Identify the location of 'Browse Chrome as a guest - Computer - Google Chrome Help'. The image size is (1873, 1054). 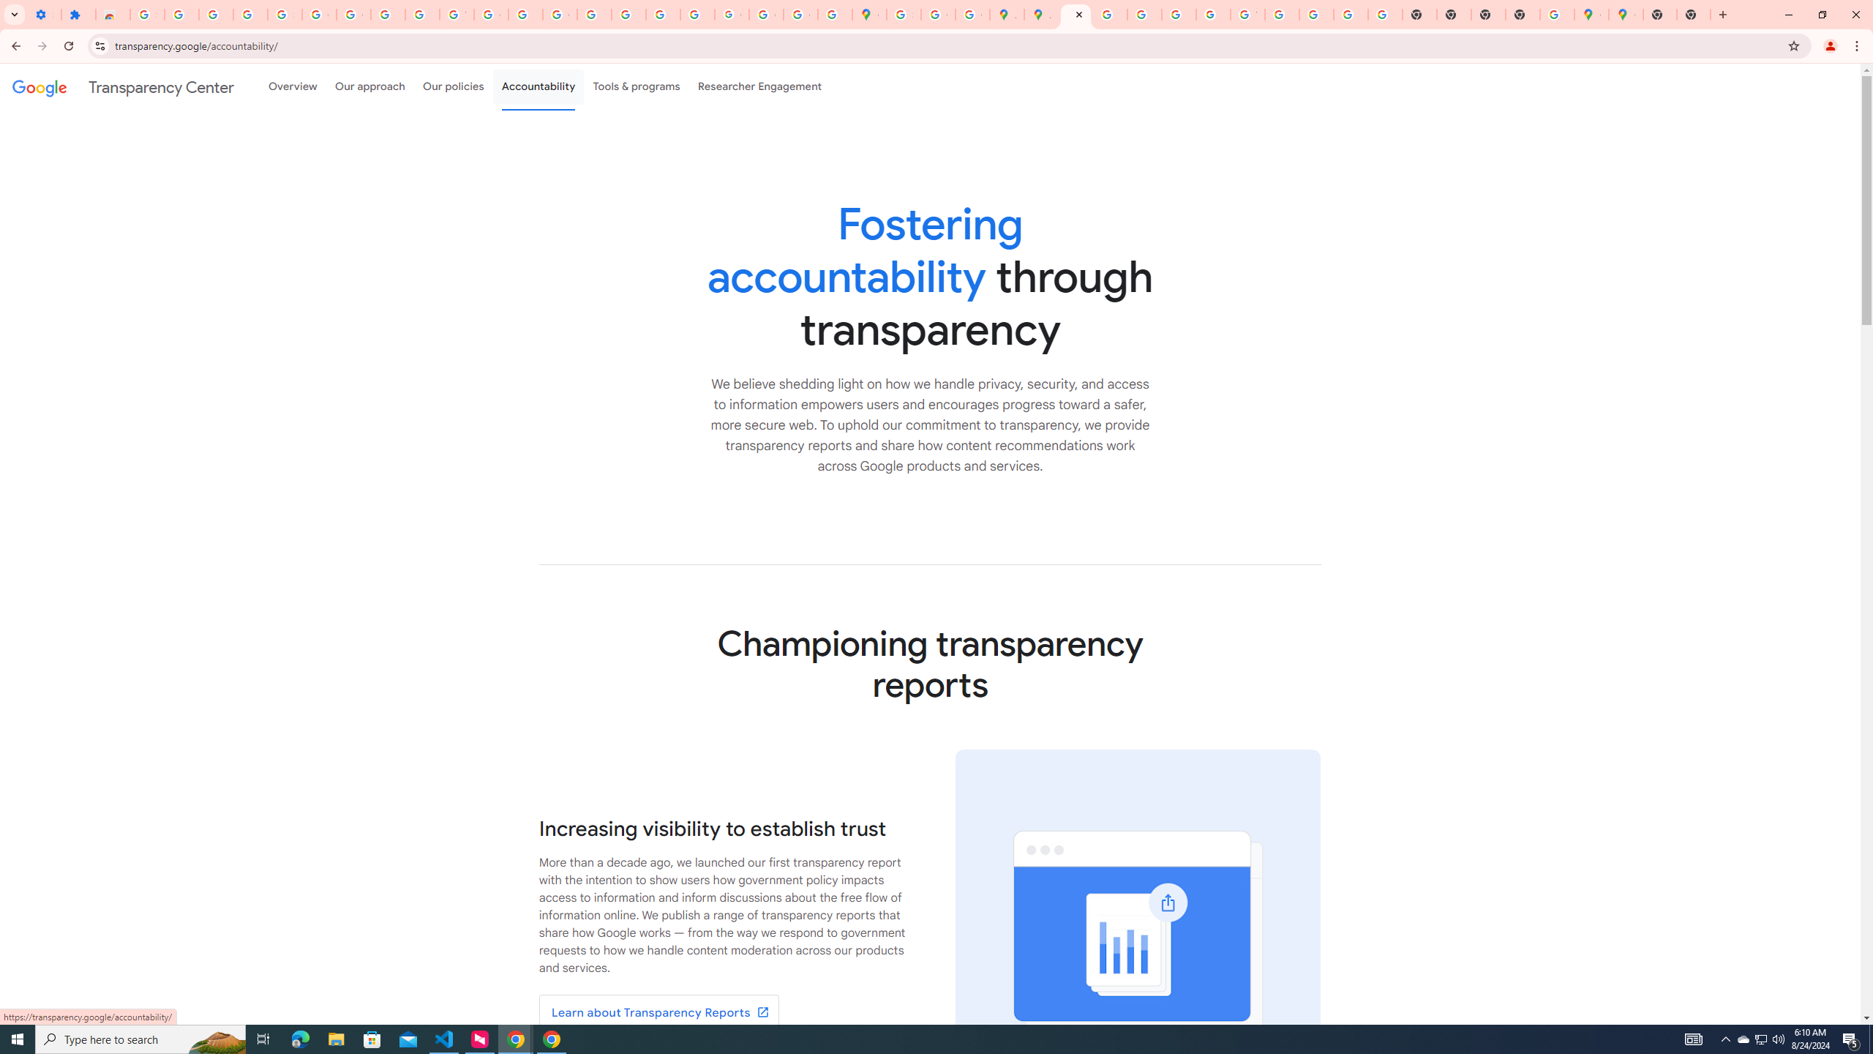
(1282, 14).